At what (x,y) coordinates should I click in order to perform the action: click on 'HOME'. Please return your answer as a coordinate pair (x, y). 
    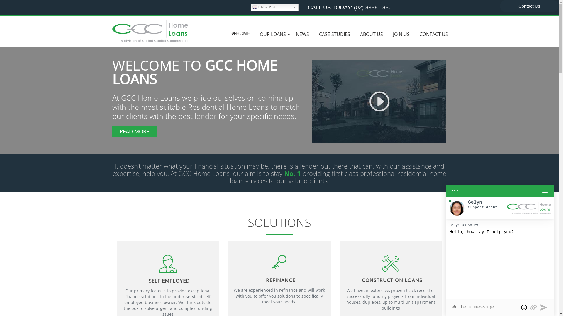
    Looking at the image, I should click on (240, 33).